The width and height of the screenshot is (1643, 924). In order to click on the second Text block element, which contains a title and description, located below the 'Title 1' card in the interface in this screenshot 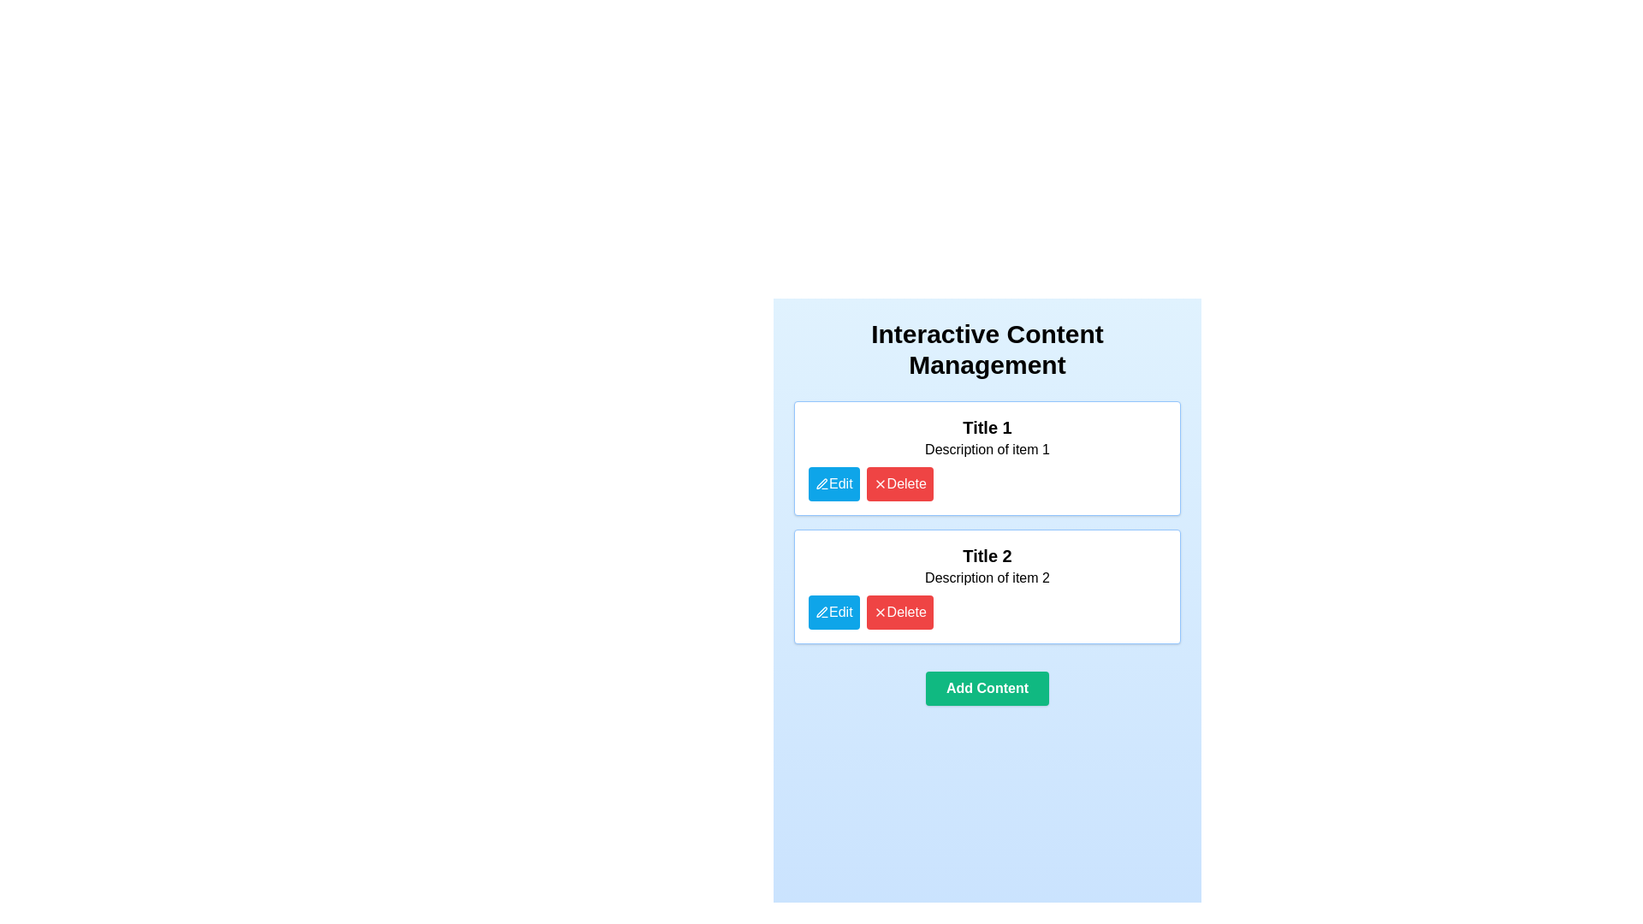, I will do `click(987, 566)`.